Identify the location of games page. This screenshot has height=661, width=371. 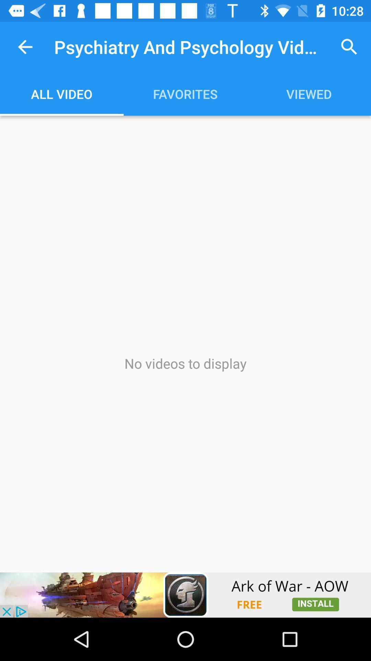
(185, 595).